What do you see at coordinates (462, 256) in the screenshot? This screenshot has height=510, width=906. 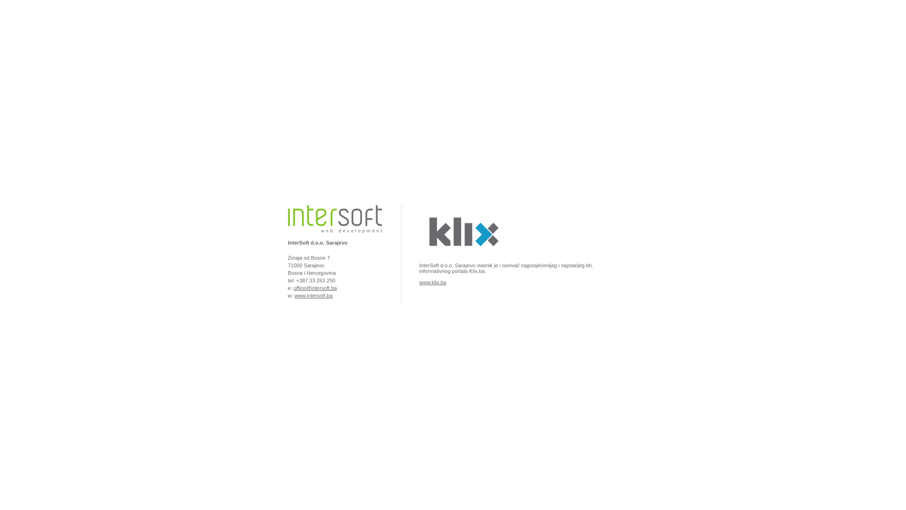 I see `'Klix.ba'` at bounding box center [462, 256].